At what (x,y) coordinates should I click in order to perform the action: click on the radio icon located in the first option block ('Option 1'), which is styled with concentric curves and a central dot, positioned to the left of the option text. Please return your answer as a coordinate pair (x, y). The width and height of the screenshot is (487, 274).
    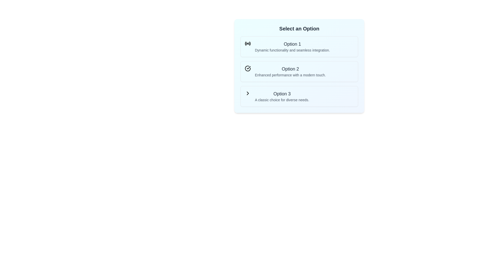
    Looking at the image, I should click on (248, 43).